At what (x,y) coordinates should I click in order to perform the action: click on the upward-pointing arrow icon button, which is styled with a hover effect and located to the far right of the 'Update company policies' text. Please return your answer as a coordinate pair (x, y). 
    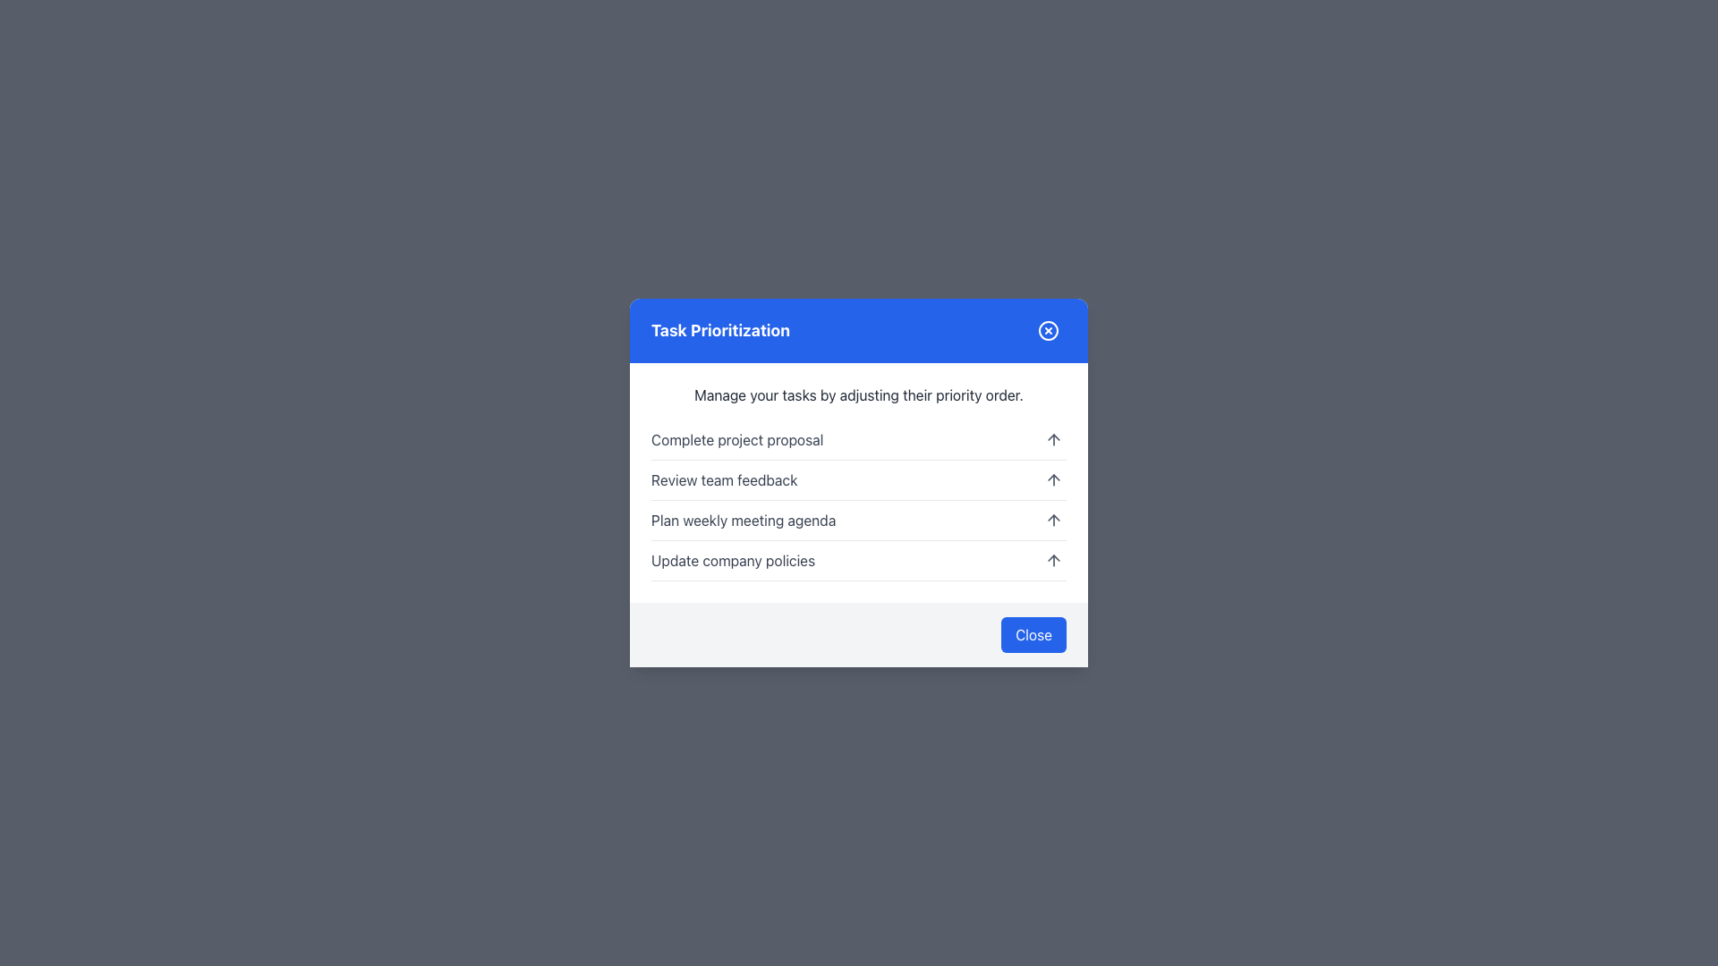
    Looking at the image, I should click on (1053, 560).